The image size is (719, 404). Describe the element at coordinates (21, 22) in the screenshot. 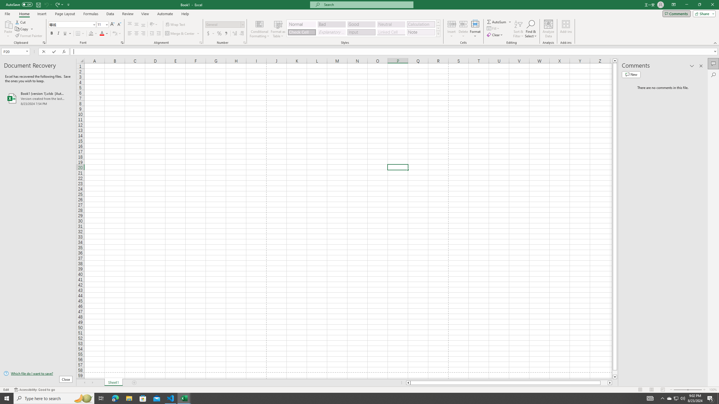

I see `'Cut'` at that location.